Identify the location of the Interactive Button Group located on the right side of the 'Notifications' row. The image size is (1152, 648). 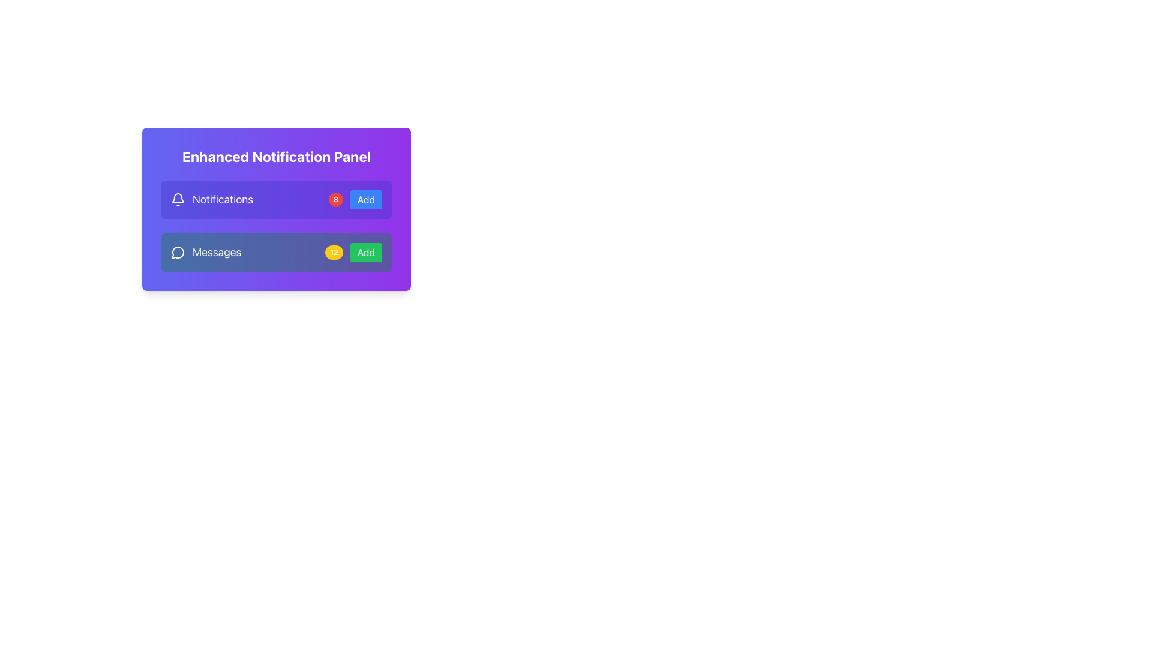
(355, 199).